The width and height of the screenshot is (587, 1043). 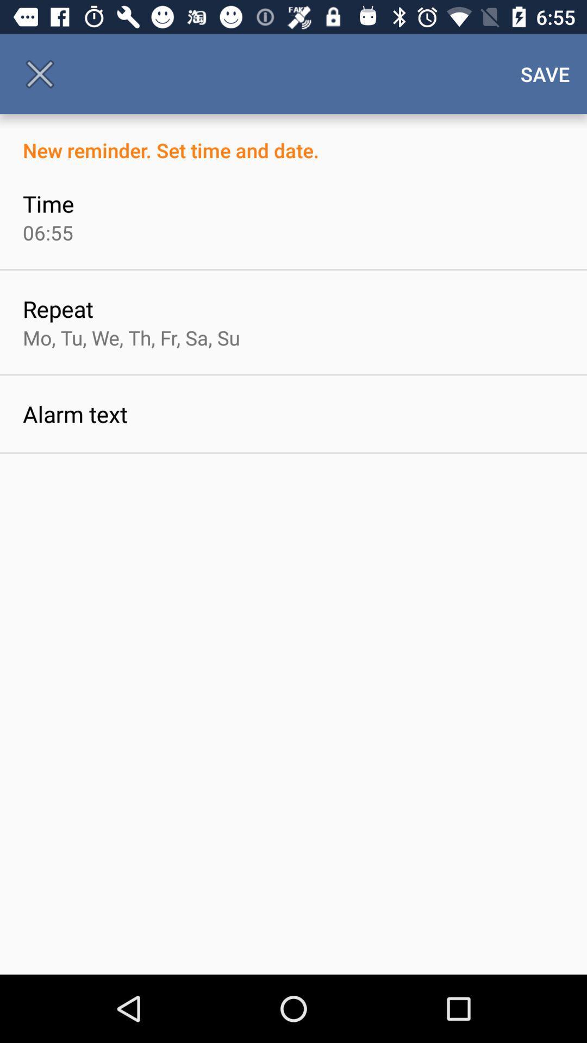 I want to click on the icon below the repeat, so click(x=130, y=337).